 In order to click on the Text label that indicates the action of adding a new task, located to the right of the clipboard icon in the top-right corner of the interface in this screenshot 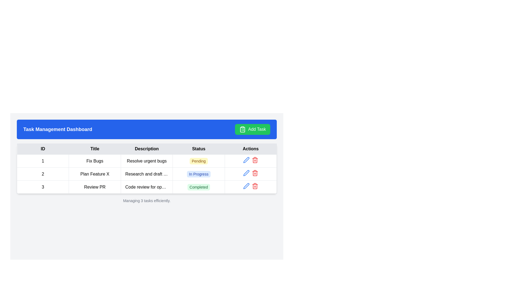, I will do `click(257, 129)`.